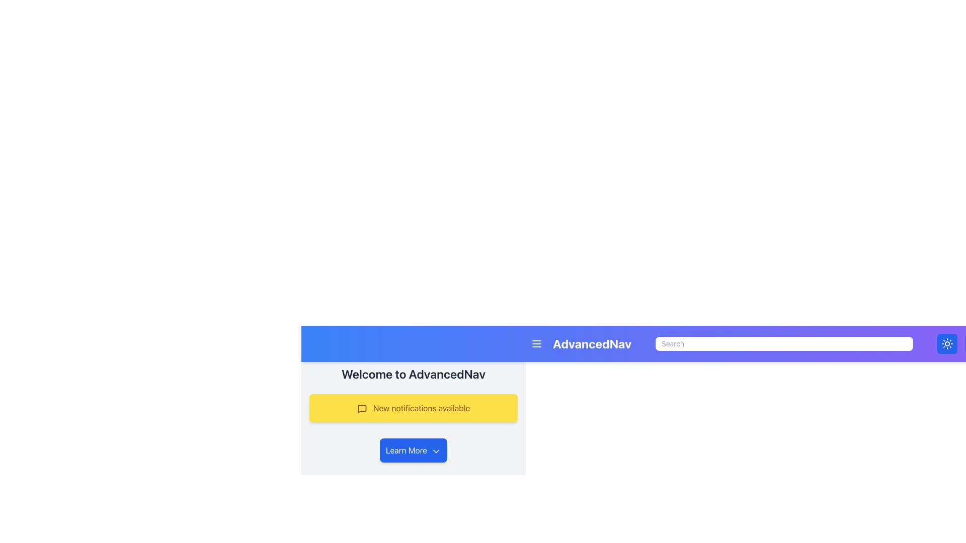 This screenshot has height=543, width=966. I want to click on the sun icon featuring a circular center with radiating lines, styled with a white stroke on a blue background, located on the far right end of the navigation bar, so click(946, 343).